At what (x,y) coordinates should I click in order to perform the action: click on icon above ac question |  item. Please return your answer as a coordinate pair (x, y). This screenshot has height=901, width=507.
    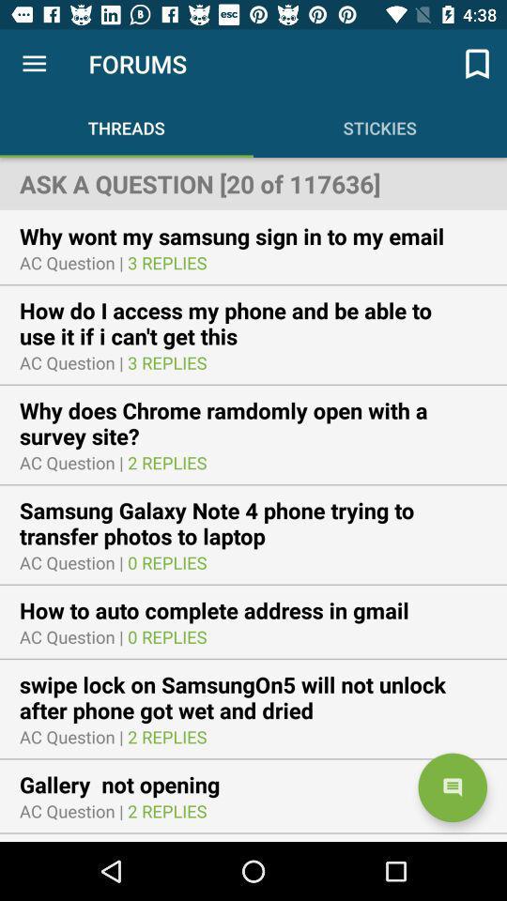
    Looking at the image, I should click on (131, 785).